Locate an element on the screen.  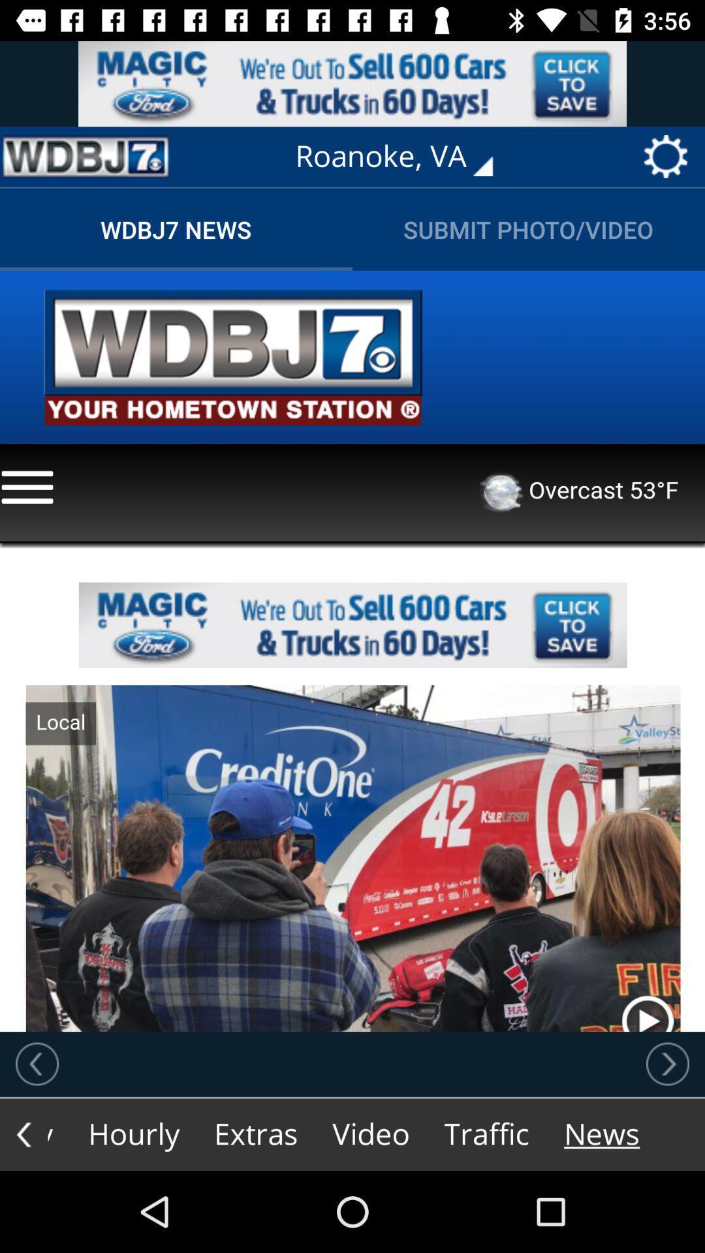
goto next is located at coordinates (667, 1064).